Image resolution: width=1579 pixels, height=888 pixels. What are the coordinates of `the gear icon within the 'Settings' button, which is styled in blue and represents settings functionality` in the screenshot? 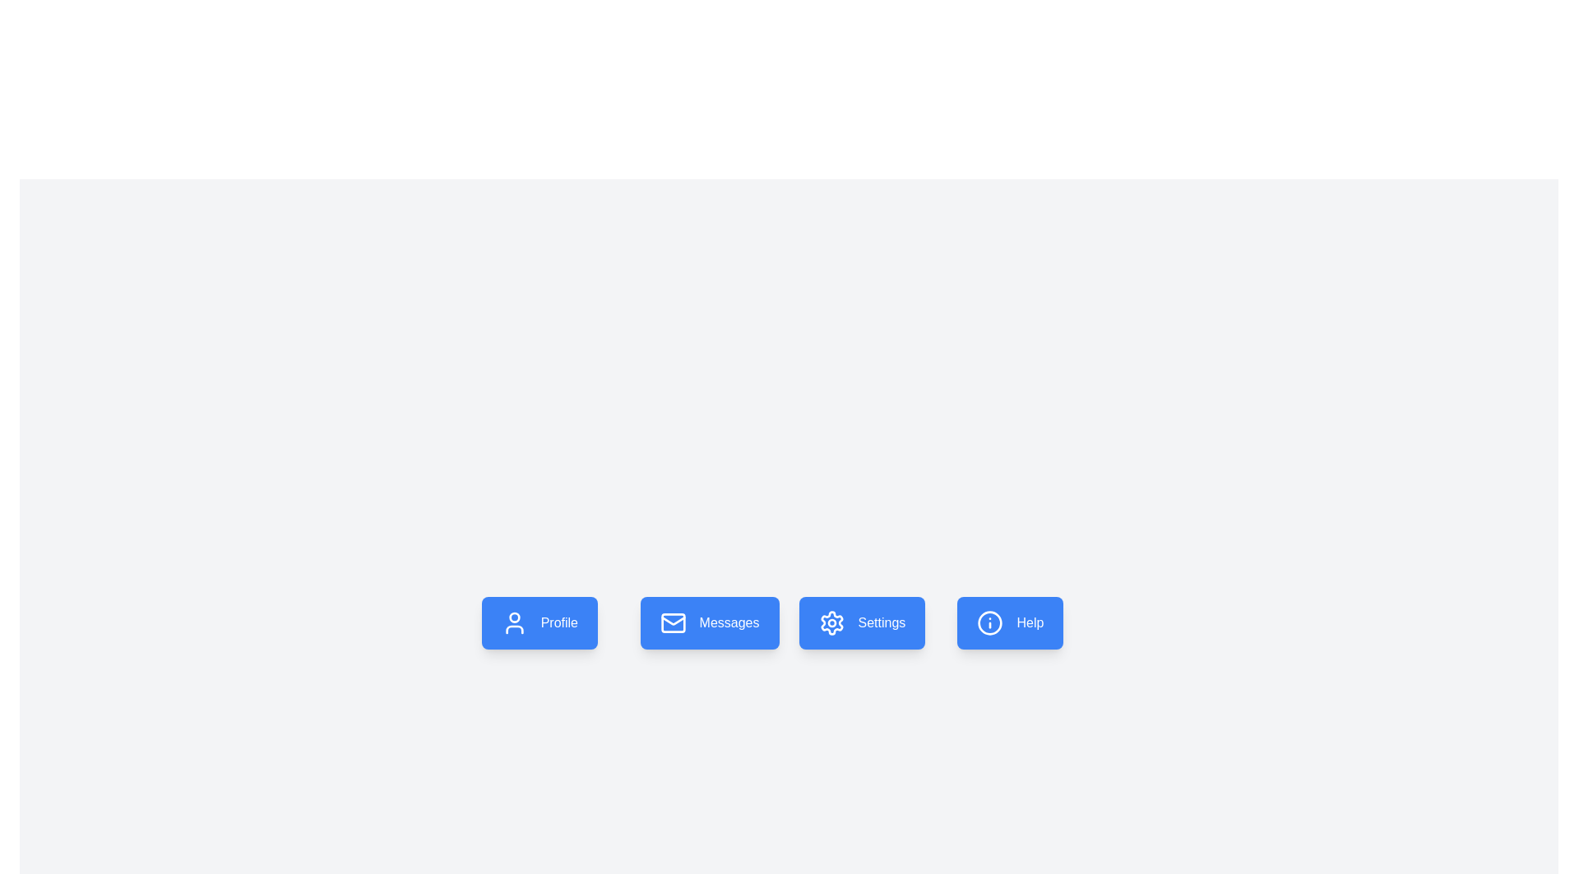 It's located at (831, 623).